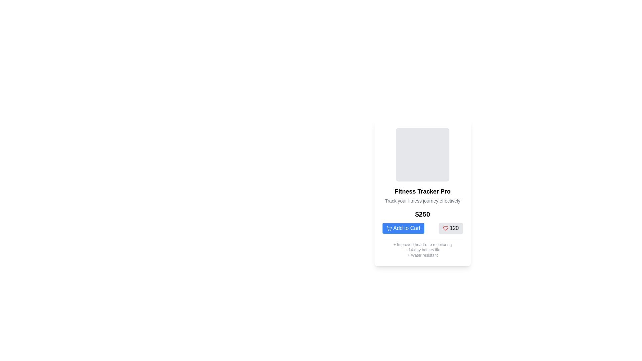  What do you see at coordinates (422, 154) in the screenshot?
I see `the placeholder image located at the top of the card layout for the product 'Fitness Tracker Pro'` at bounding box center [422, 154].